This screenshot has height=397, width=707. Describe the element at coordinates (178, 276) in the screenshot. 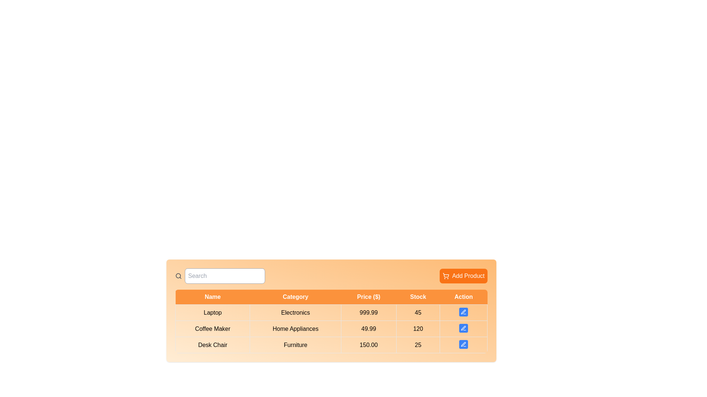

I see `the search icon located to the left of the 'Search' text input field, which visually represents search functionality and is positioned at the top left corner of the orange segment` at that location.